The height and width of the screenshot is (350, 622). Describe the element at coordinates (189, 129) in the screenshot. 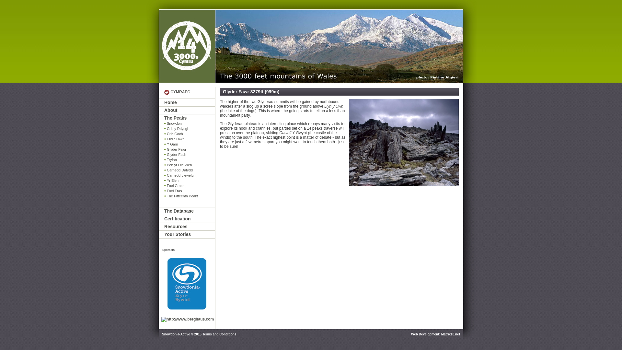

I see `'Crib y Ddysgl'` at that location.